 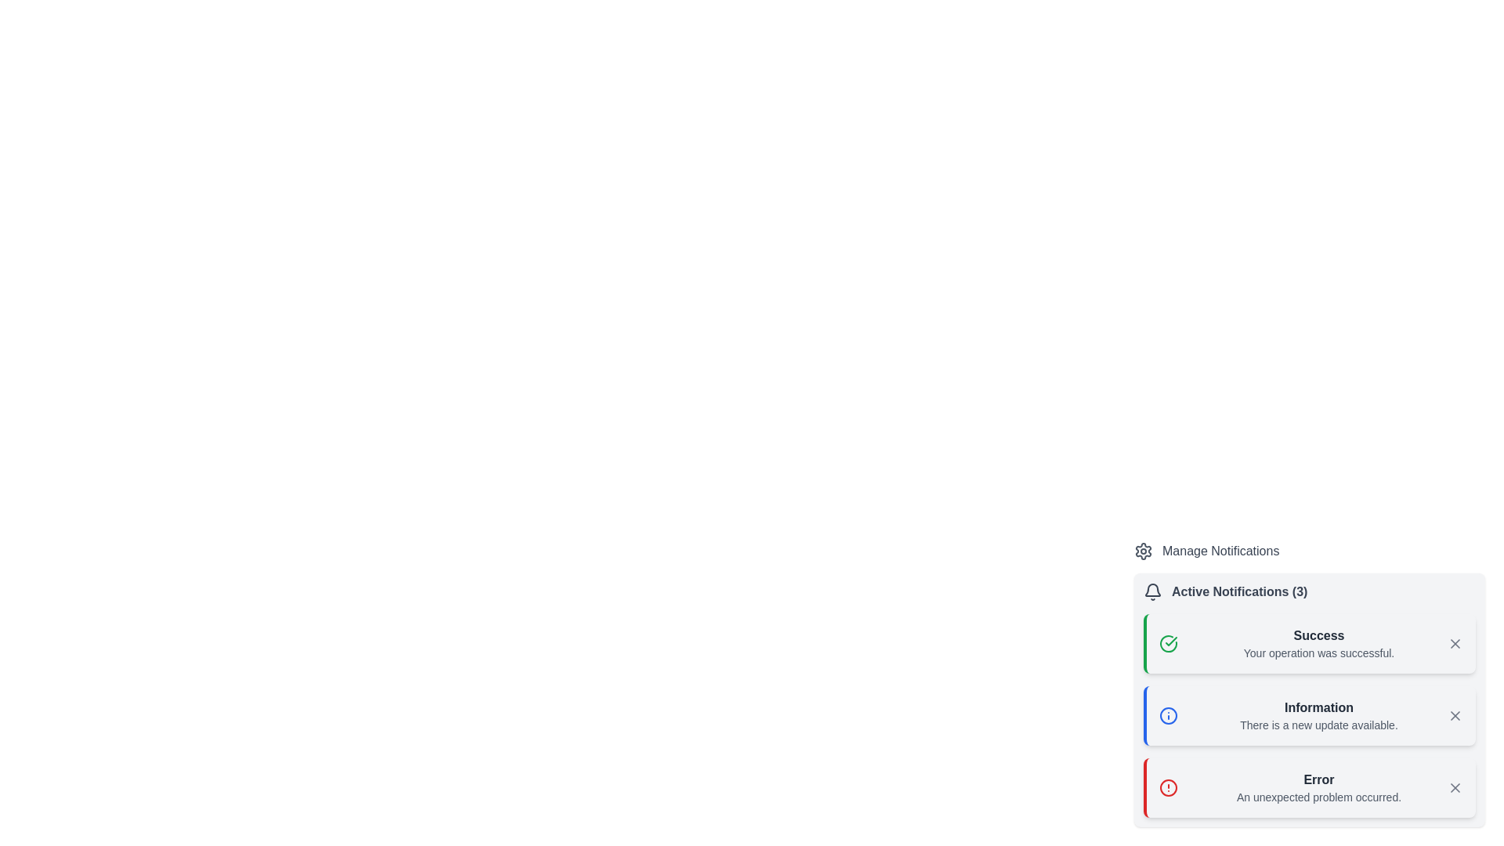 I want to click on success message from the first notification card in the 'Active Notifications (3)' list, which displays a green checkmark icon, bold text 'Success', and additional text indicating 'Your operation was successful.', so click(x=1309, y=643).